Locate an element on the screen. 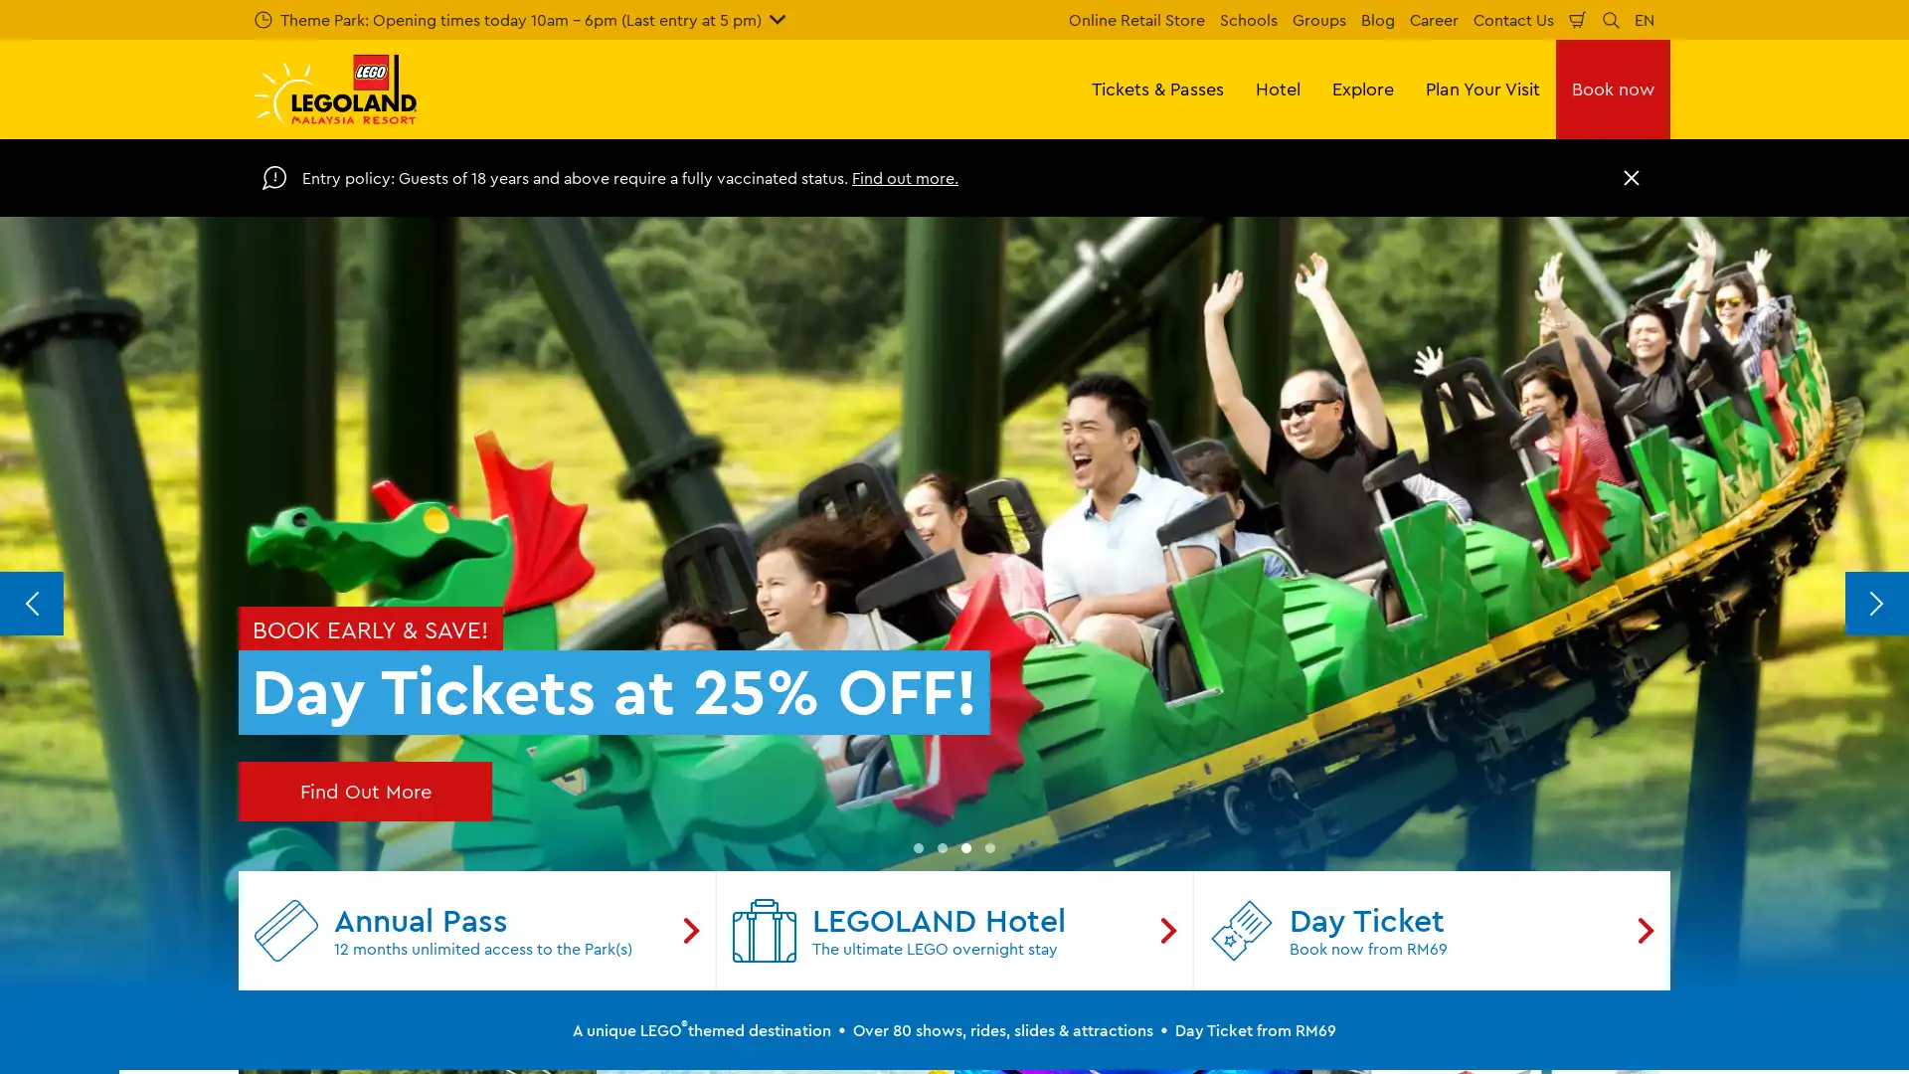  Close is located at coordinates (1632, 176).